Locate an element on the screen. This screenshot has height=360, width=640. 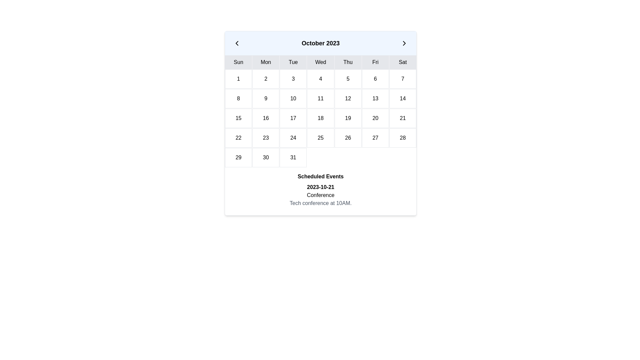
the calendar date cell representing the 8th day of the month, located in the second row and first column under the 'Sun' header is located at coordinates (238, 99).